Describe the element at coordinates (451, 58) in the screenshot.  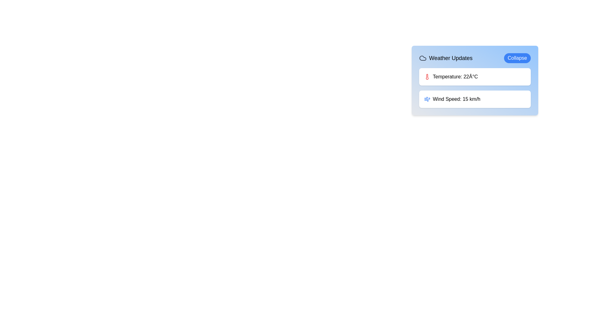
I see `the 'Weather Updates' text label, which is displayed in large, bold font and is located near the top-left corner of a card-like component, to the right of a cloud icon` at that location.